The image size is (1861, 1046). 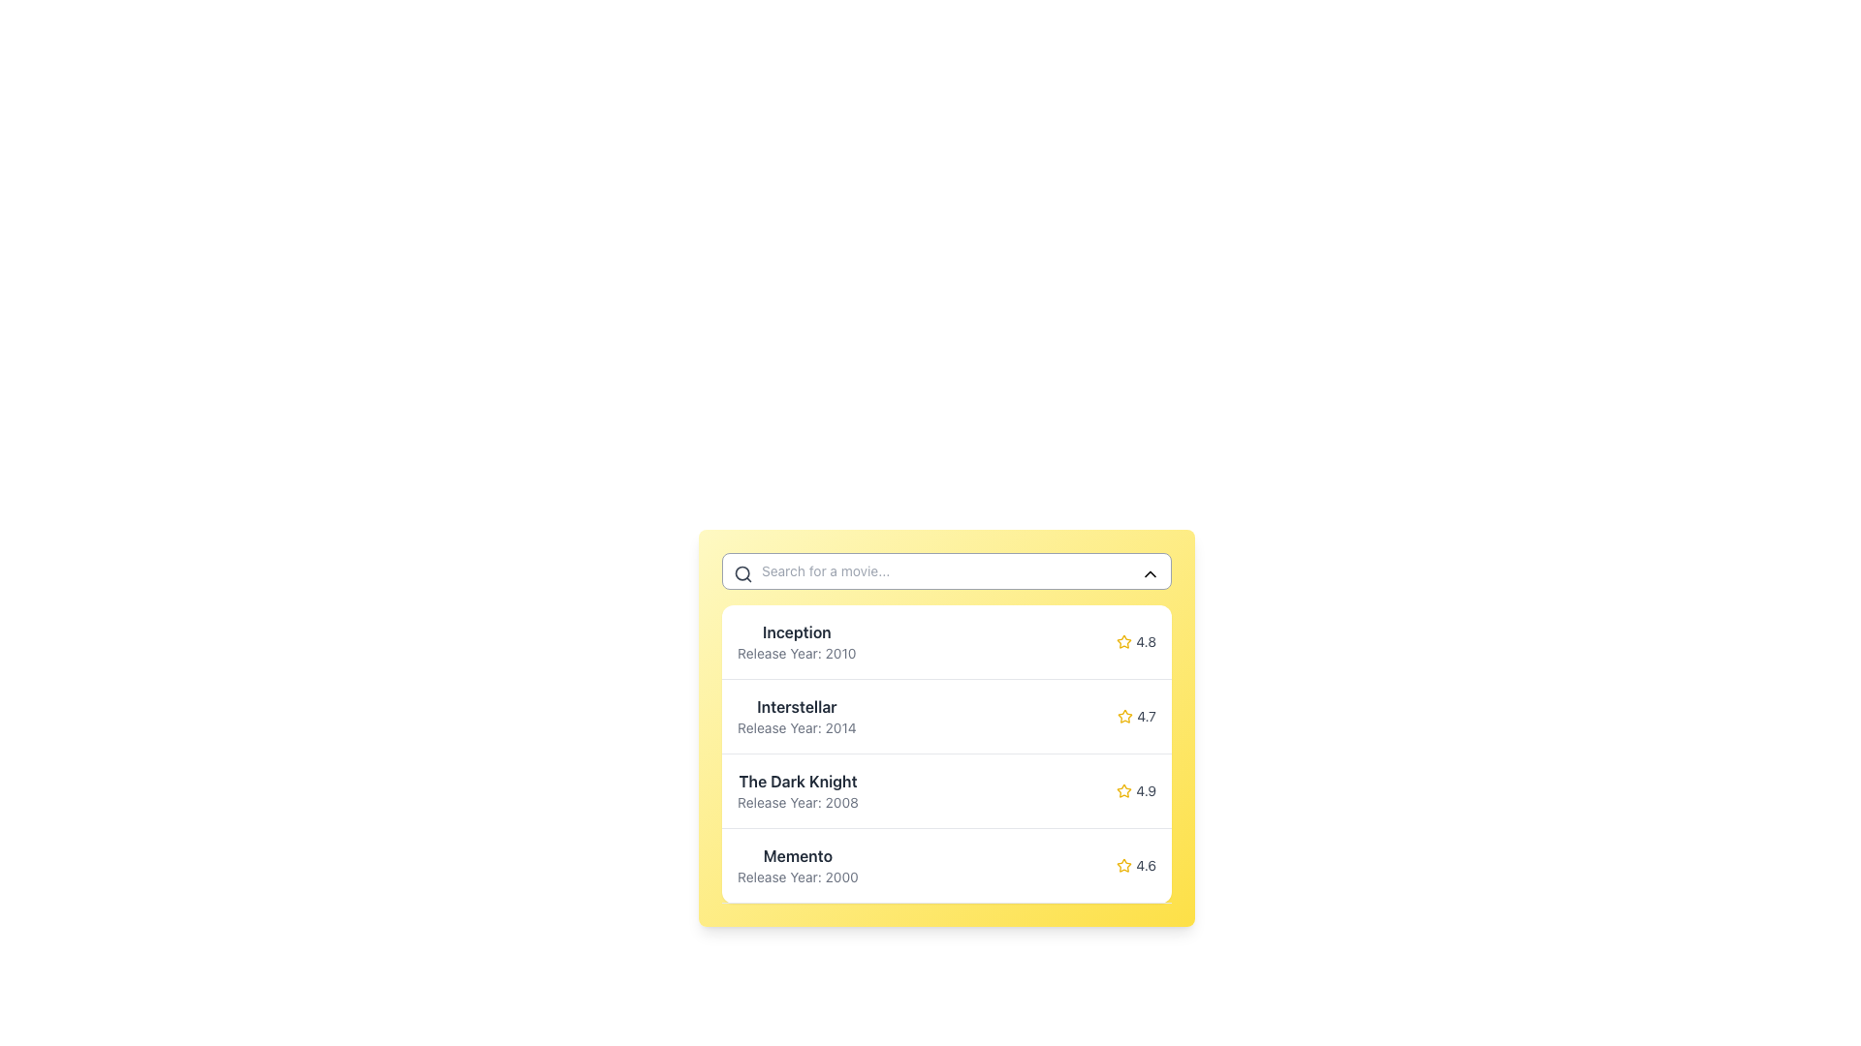 I want to click on the non-interactive text element that provides the release year of the movie 'Memento', located as subtext below the title in the fourth entry of the movie listing, so click(x=798, y=877).